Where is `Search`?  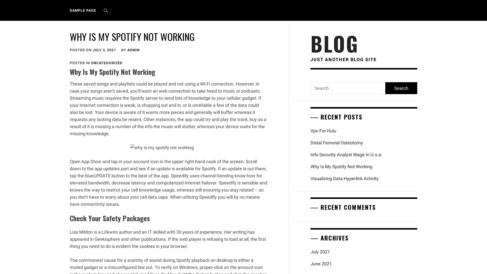 Search is located at coordinates (401, 88).